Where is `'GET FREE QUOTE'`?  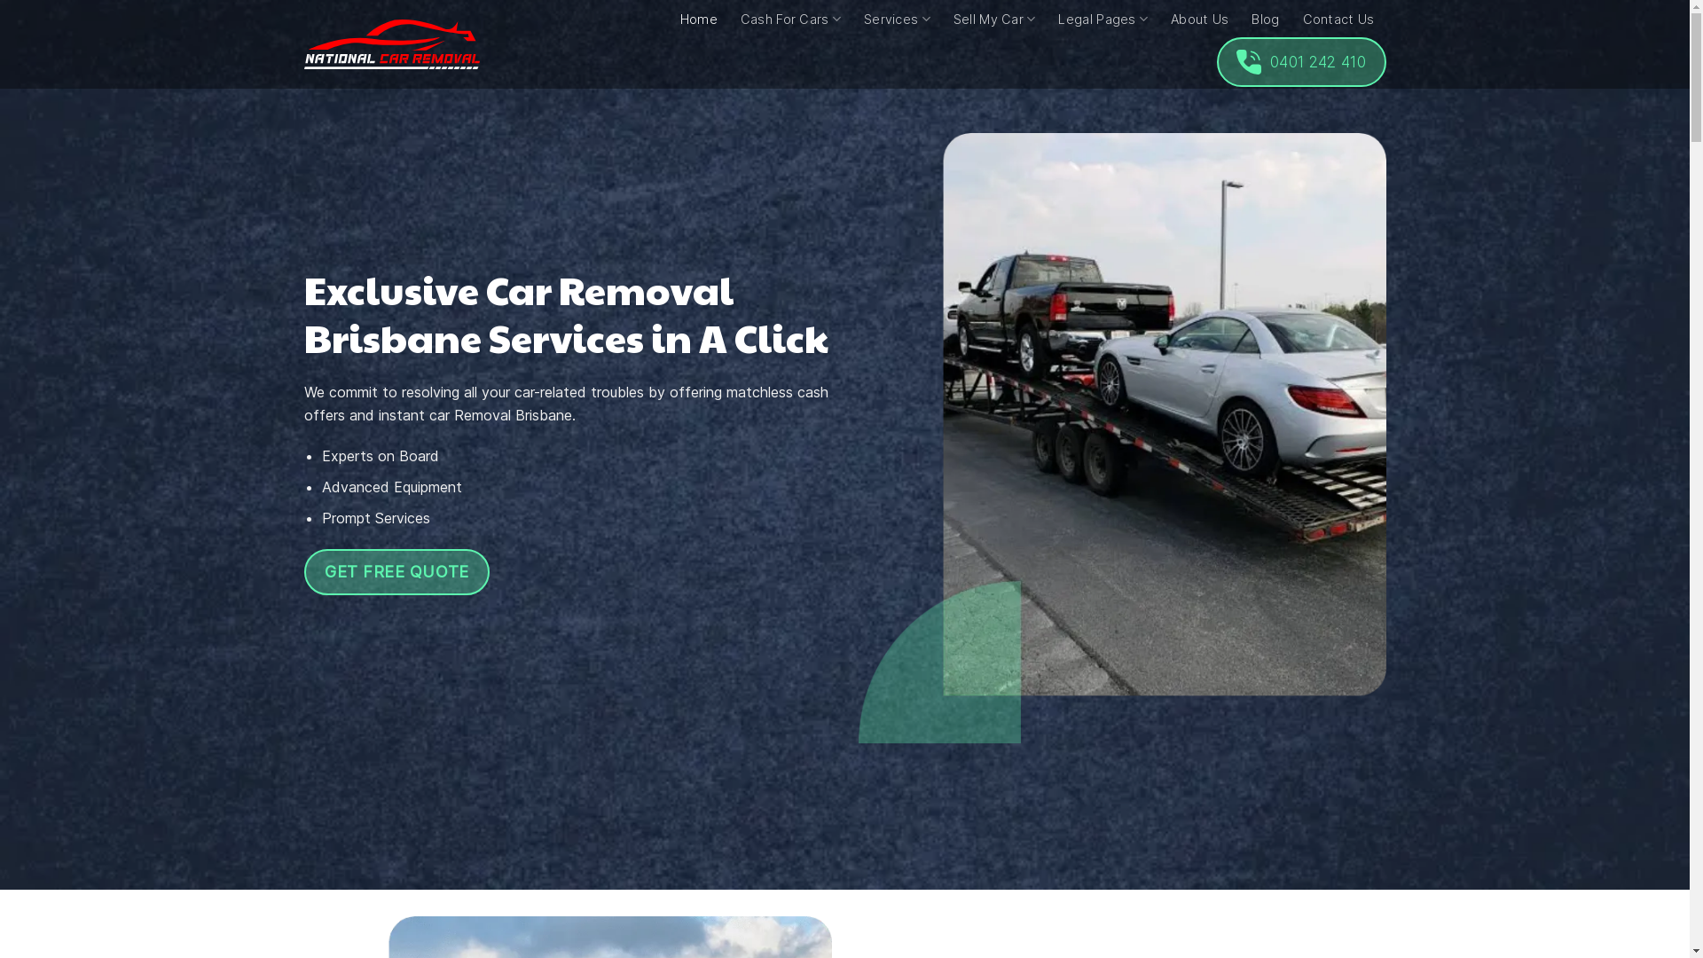 'GET FREE QUOTE' is located at coordinates (395, 571).